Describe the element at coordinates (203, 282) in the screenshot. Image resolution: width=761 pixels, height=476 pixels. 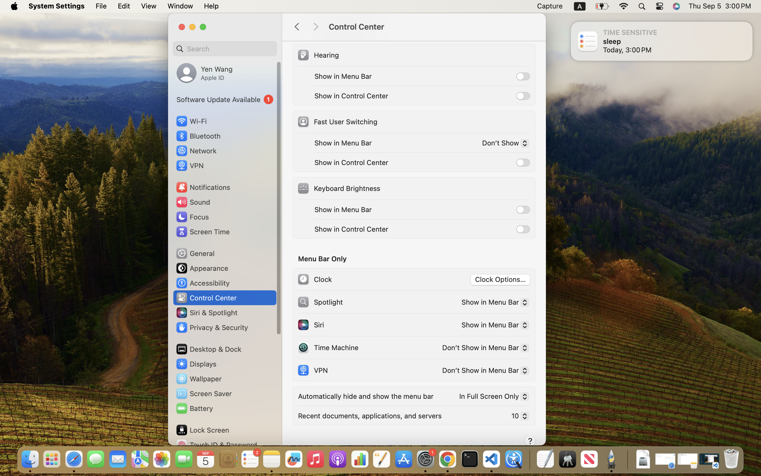
I see `'Accessibility'` at that location.